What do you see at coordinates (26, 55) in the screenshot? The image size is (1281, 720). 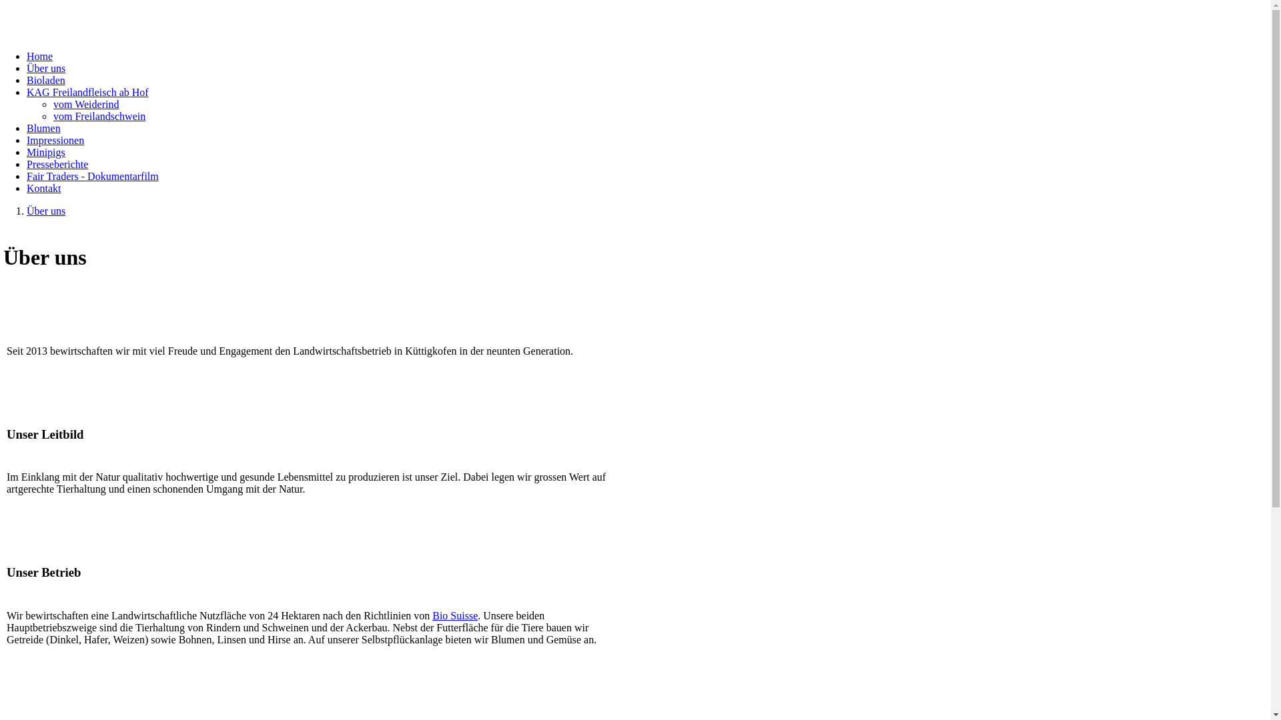 I see `'Home'` at bounding box center [26, 55].